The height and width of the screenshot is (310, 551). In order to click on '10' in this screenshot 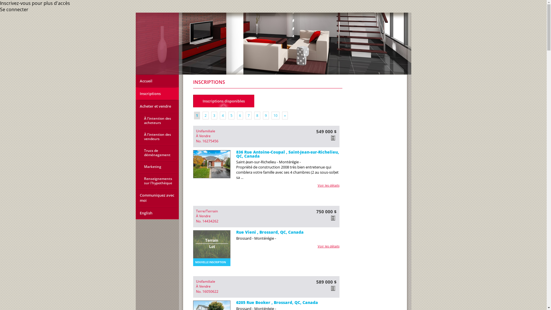, I will do `click(275, 115)`.